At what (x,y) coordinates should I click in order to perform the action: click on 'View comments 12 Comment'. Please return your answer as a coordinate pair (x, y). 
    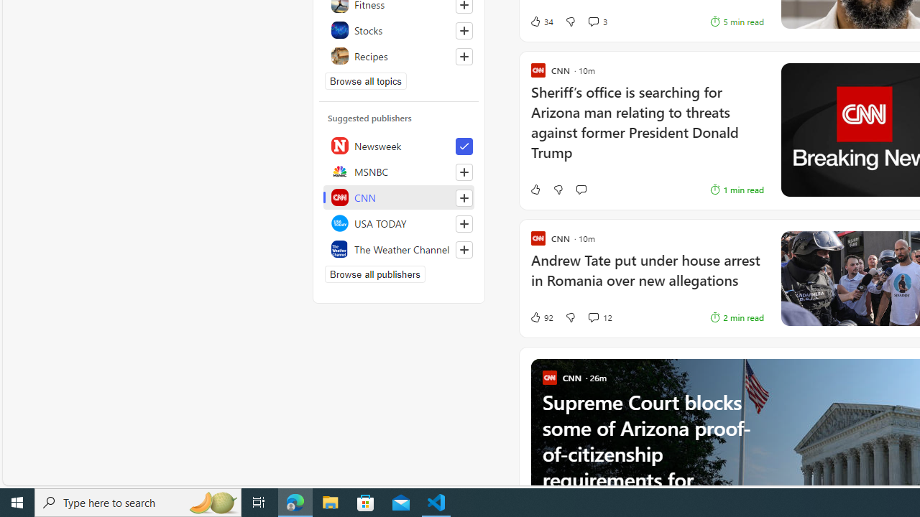
    Looking at the image, I should click on (593, 317).